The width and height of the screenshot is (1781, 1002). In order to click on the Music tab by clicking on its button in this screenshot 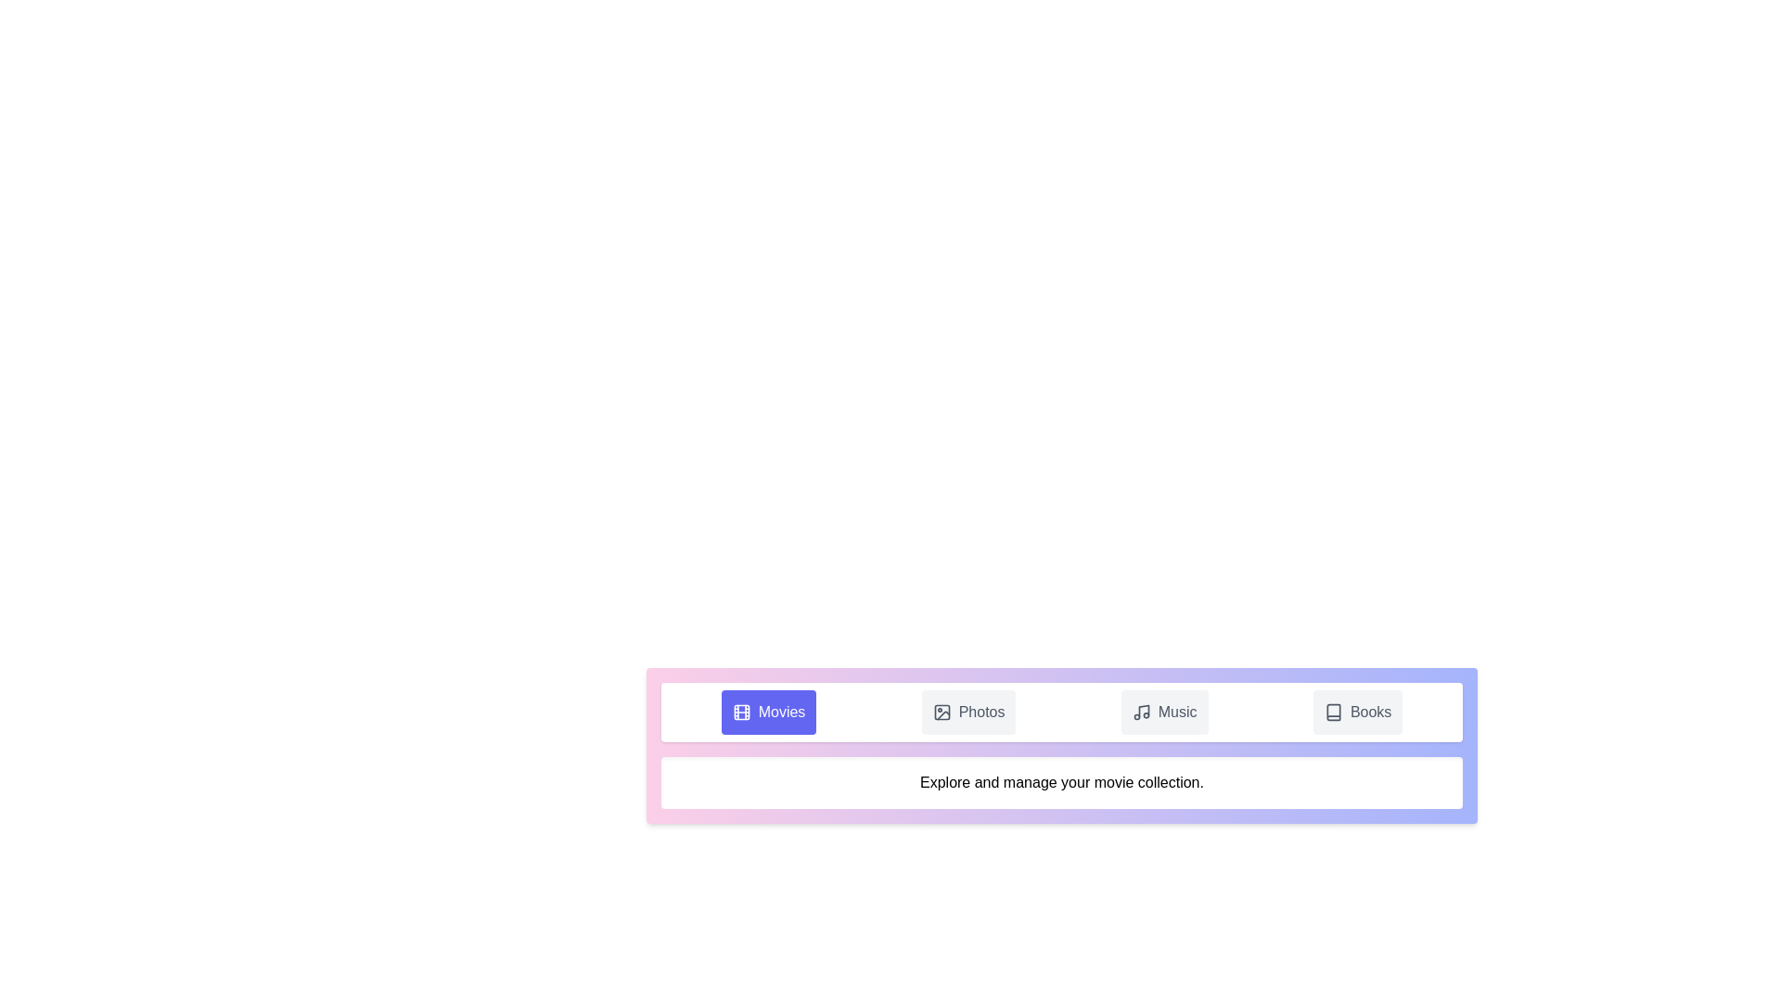, I will do `click(1163, 711)`.